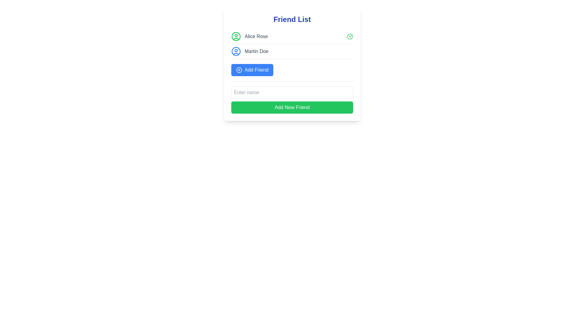 The image size is (585, 329). Describe the element at coordinates (239, 70) in the screenshot. I see `the circular add icon within the Add Friend button` at that location.